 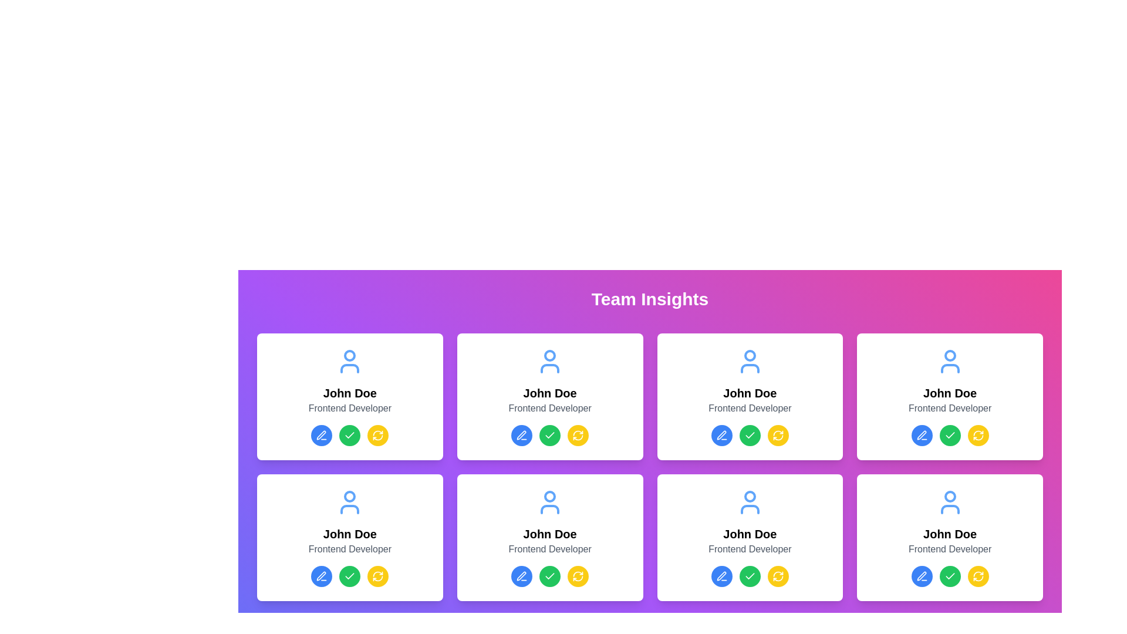 What do you see at coordinates (921, 435) in the screenshot?
I see `the pen icon within the circular button, which has a blue background and is located at the bottom of the user card in the second column of the first row of a 3x4 grid layout` at bounding box center [921, 435].